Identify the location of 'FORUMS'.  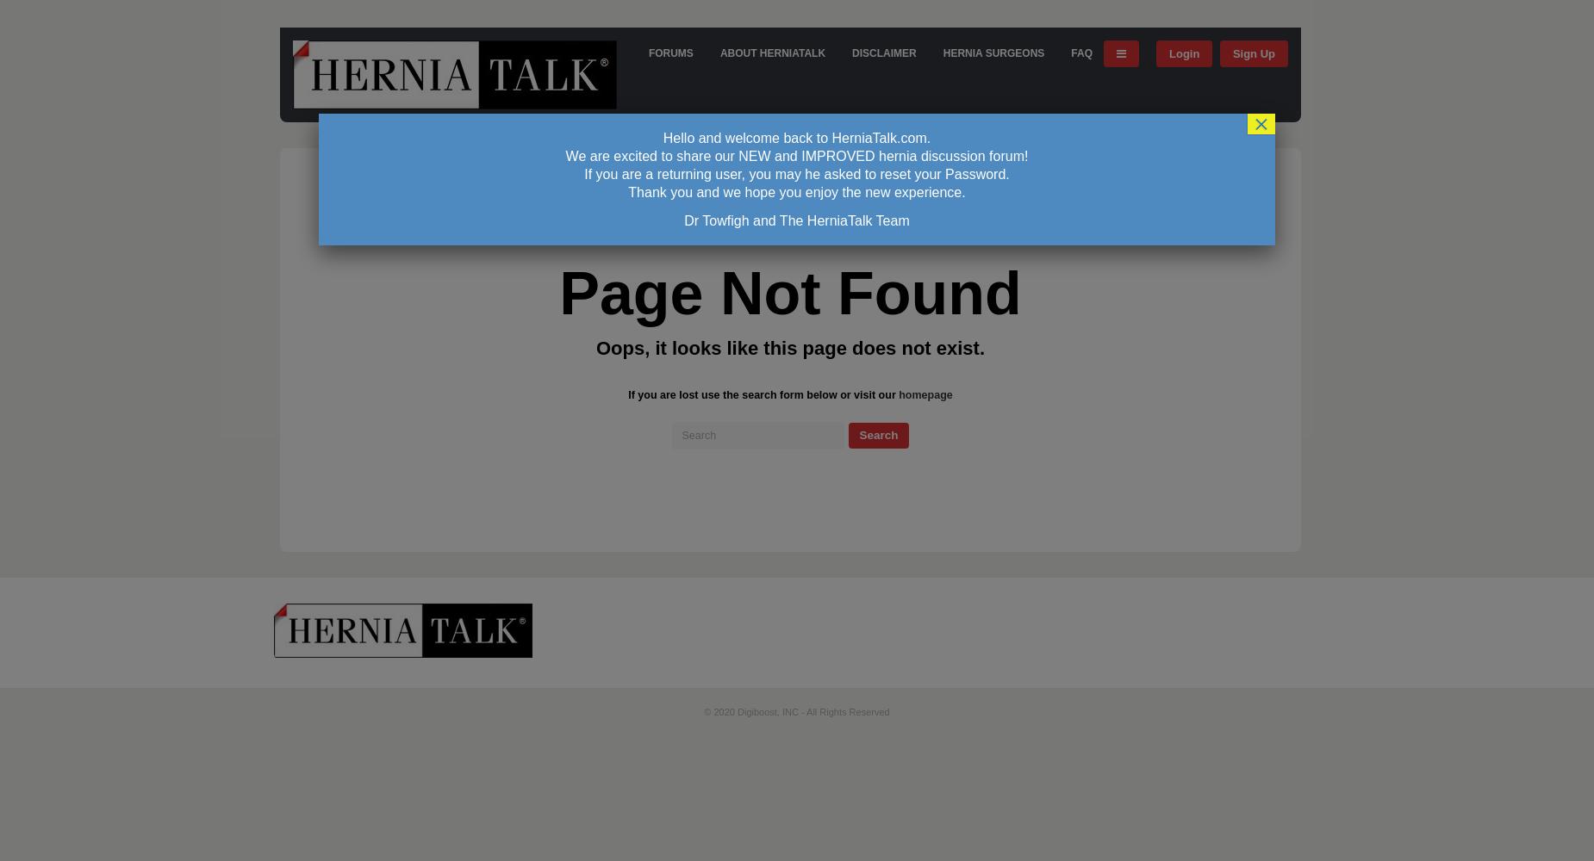
(669, 53).